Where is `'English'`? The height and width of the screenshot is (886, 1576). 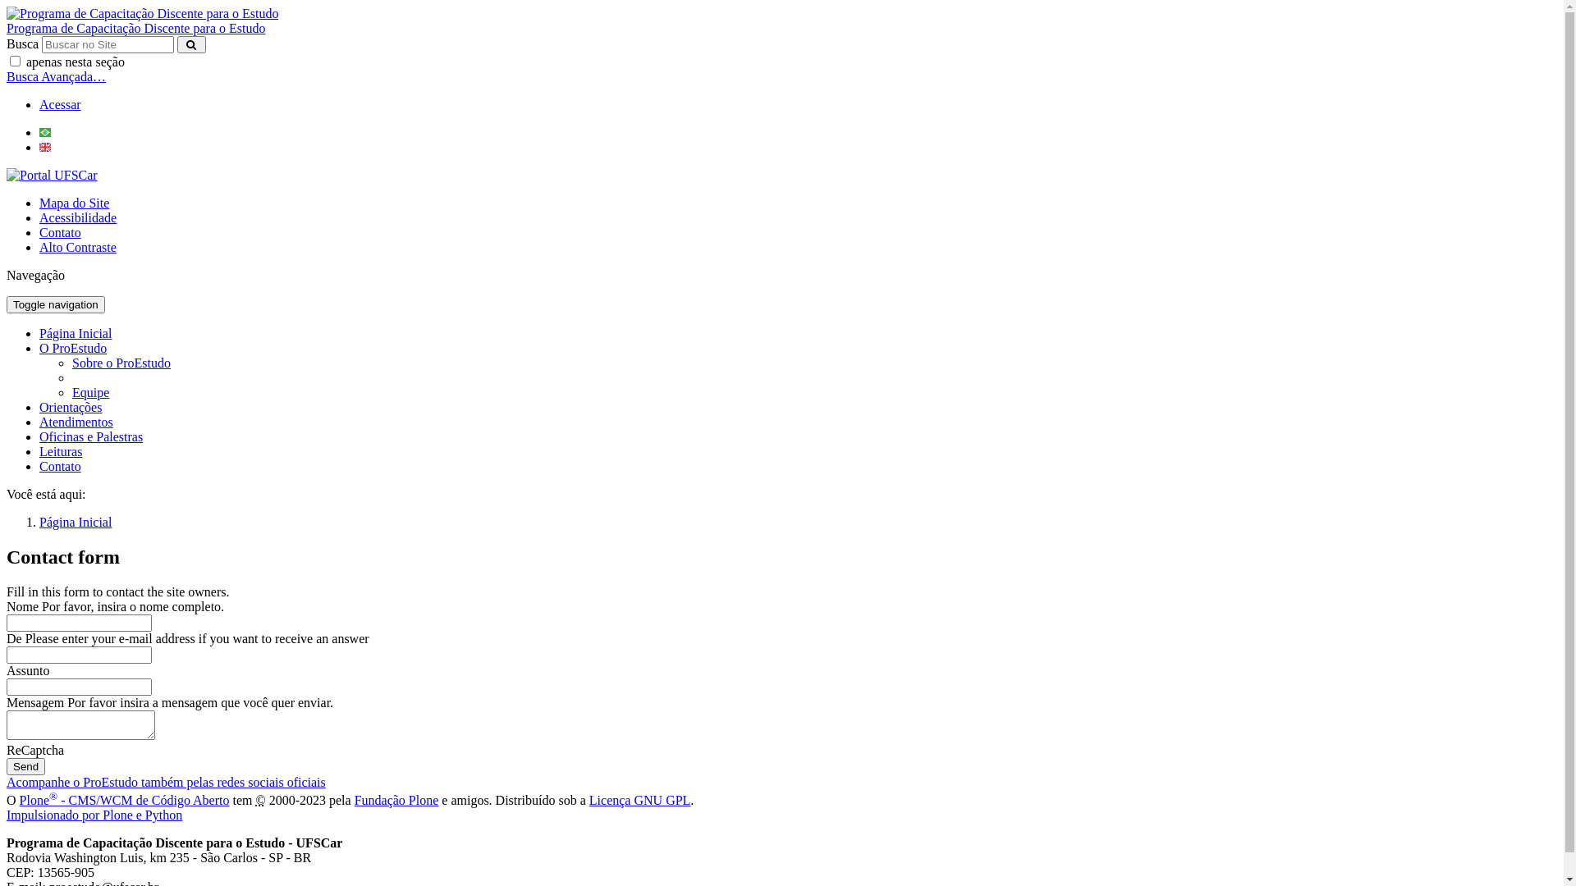
'English' is located at coordinates (39, 146).